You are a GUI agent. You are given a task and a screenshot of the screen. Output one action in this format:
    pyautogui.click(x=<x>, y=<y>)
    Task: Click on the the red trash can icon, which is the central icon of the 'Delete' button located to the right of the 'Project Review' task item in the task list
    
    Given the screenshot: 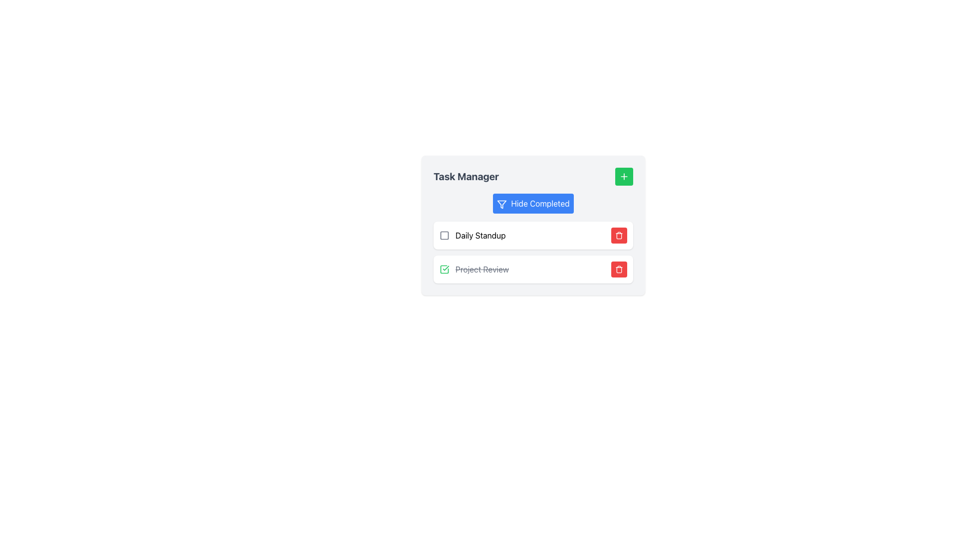 What is the action you would take?
    pyautogui.click(x=619, y=269)
    